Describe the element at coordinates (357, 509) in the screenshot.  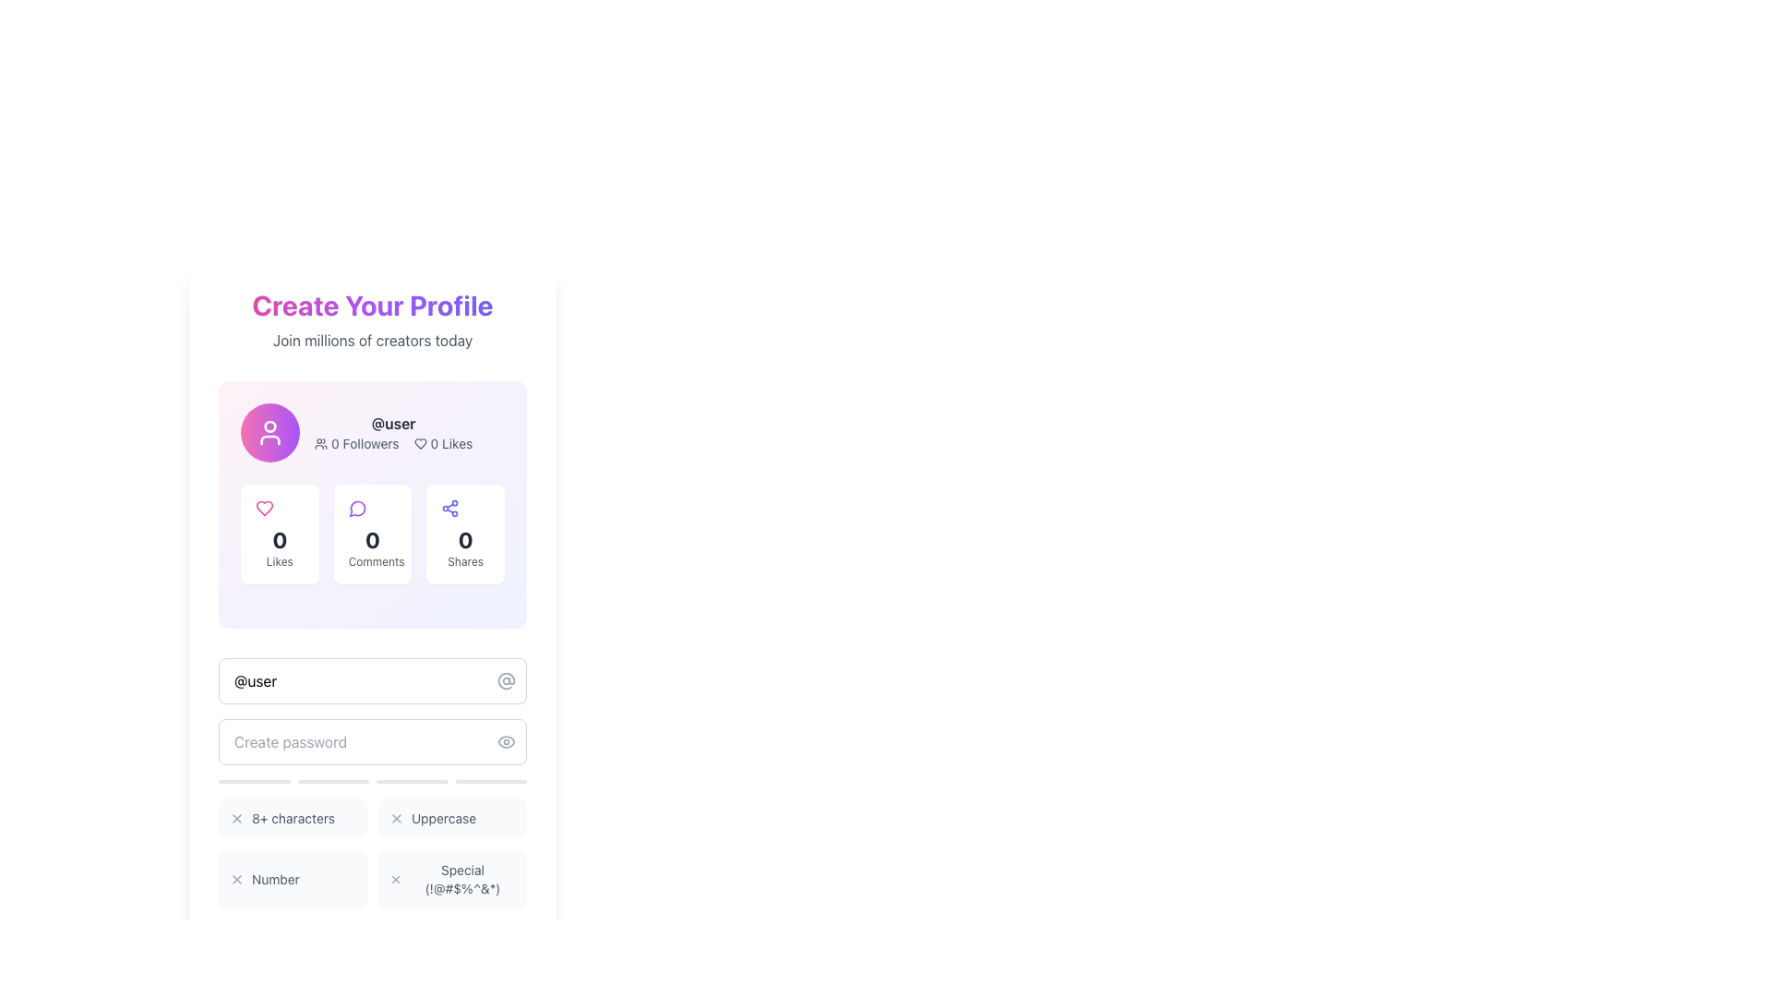
I see `the comments icon located in the second box of the statistics row, which is centered above the '0 Comments' label to interact with the comments section` at that location.